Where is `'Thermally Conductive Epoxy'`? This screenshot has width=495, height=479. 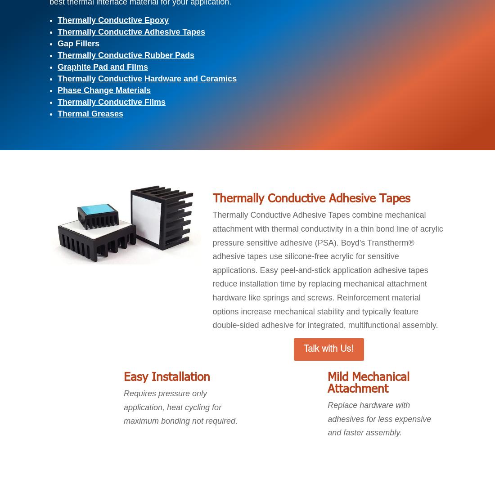 'Thermally Conductive Epoxy' is located at coordinates (113, 20).